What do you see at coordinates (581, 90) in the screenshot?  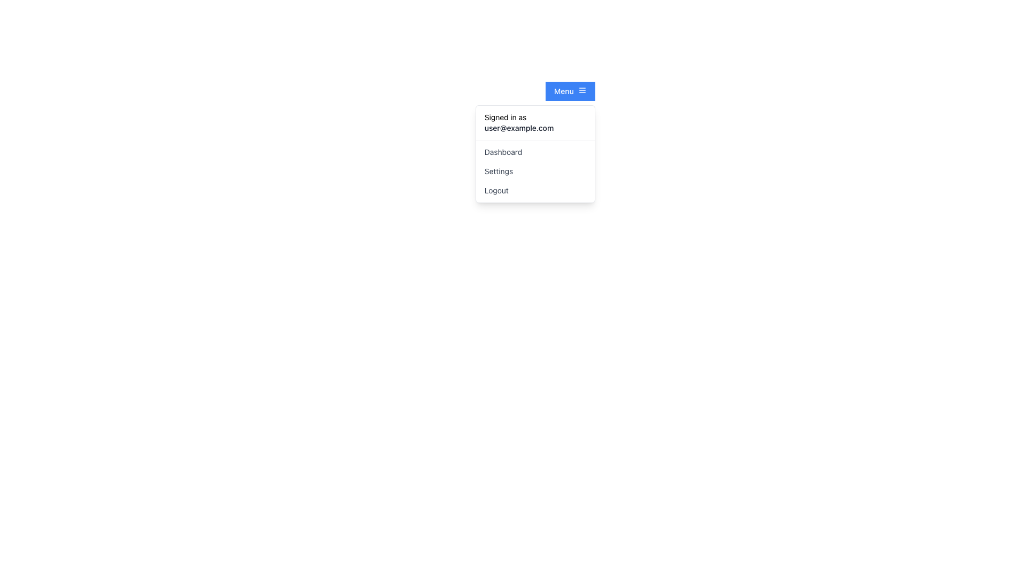 I see `the hamburger menu icon located inside the blue 'Menu' button` at bounding box center [581, 90].